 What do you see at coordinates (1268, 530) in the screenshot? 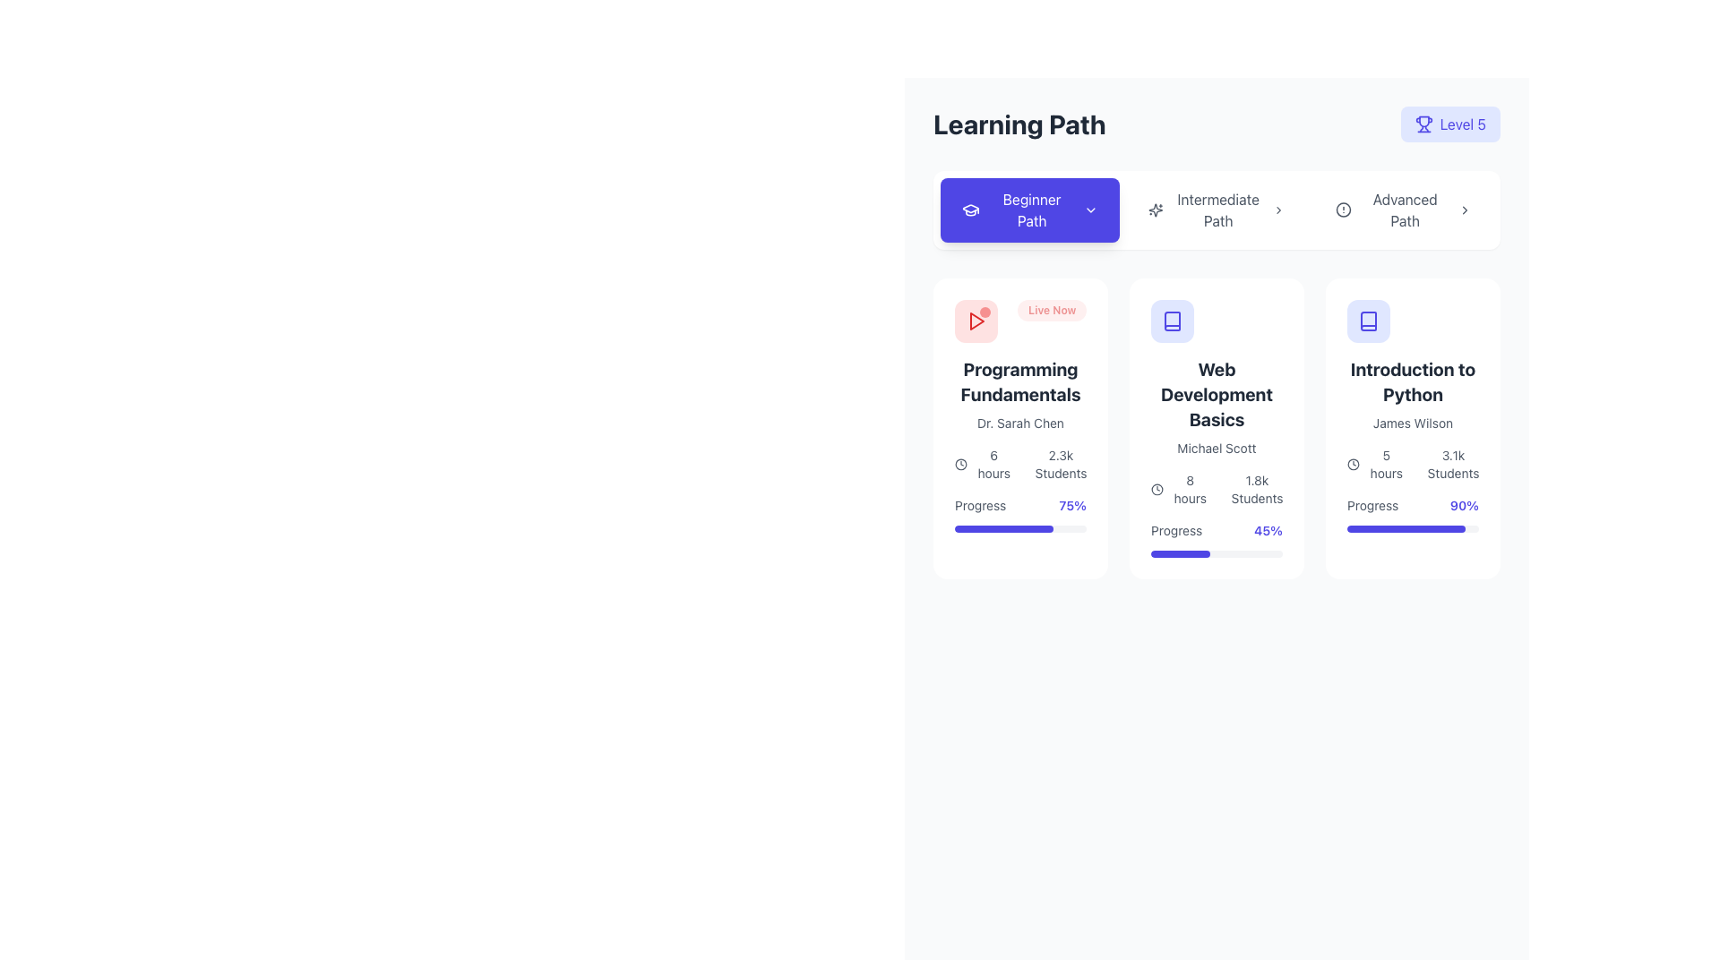
I see `the Text label displaying '45%' in a bold, indigo-colored font, which represents a percentage value related to a metric or progress` at bounding box center [1268, 530].